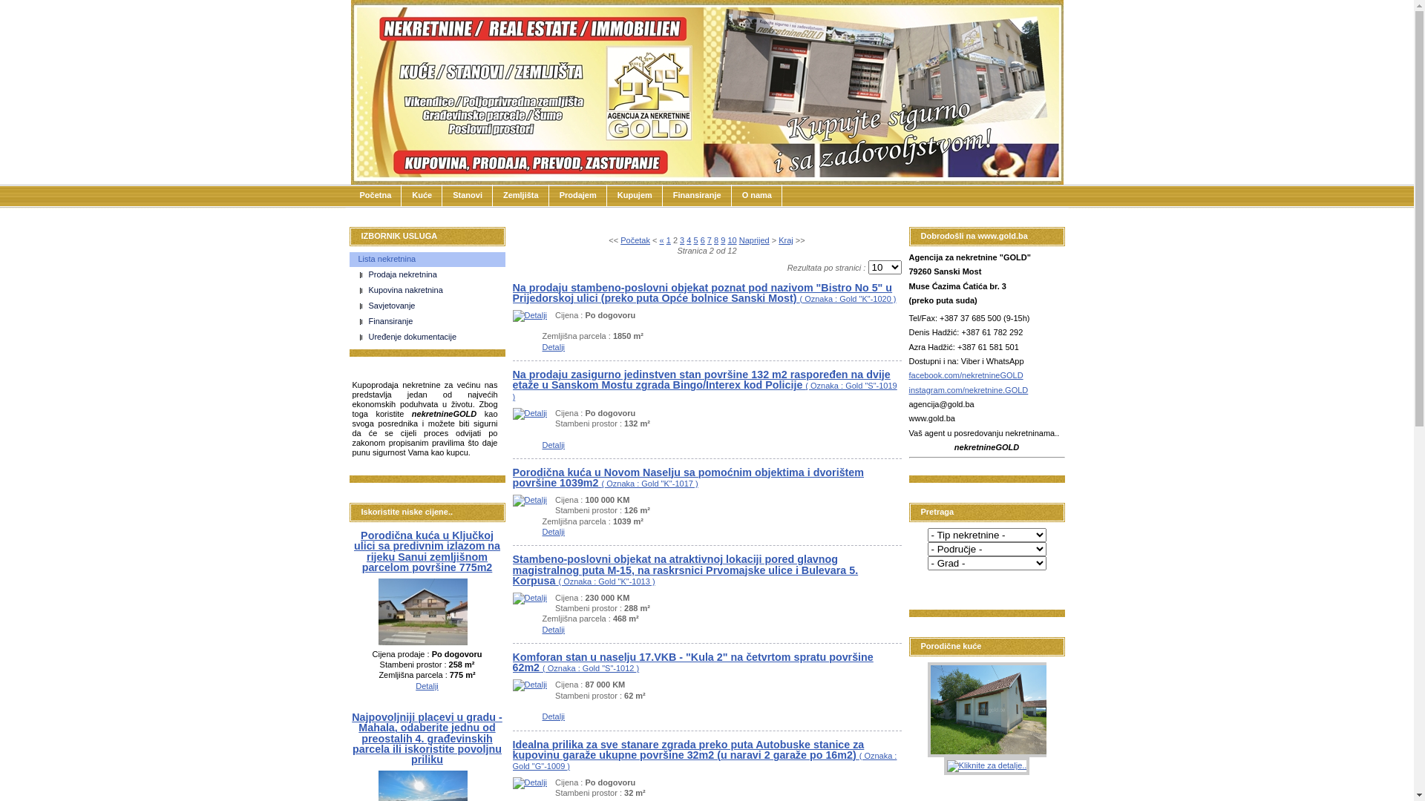 Image resolution: width=1425 pixels, height=801 pixels. I want to click on 'Finansiranje', so click(696, 194).